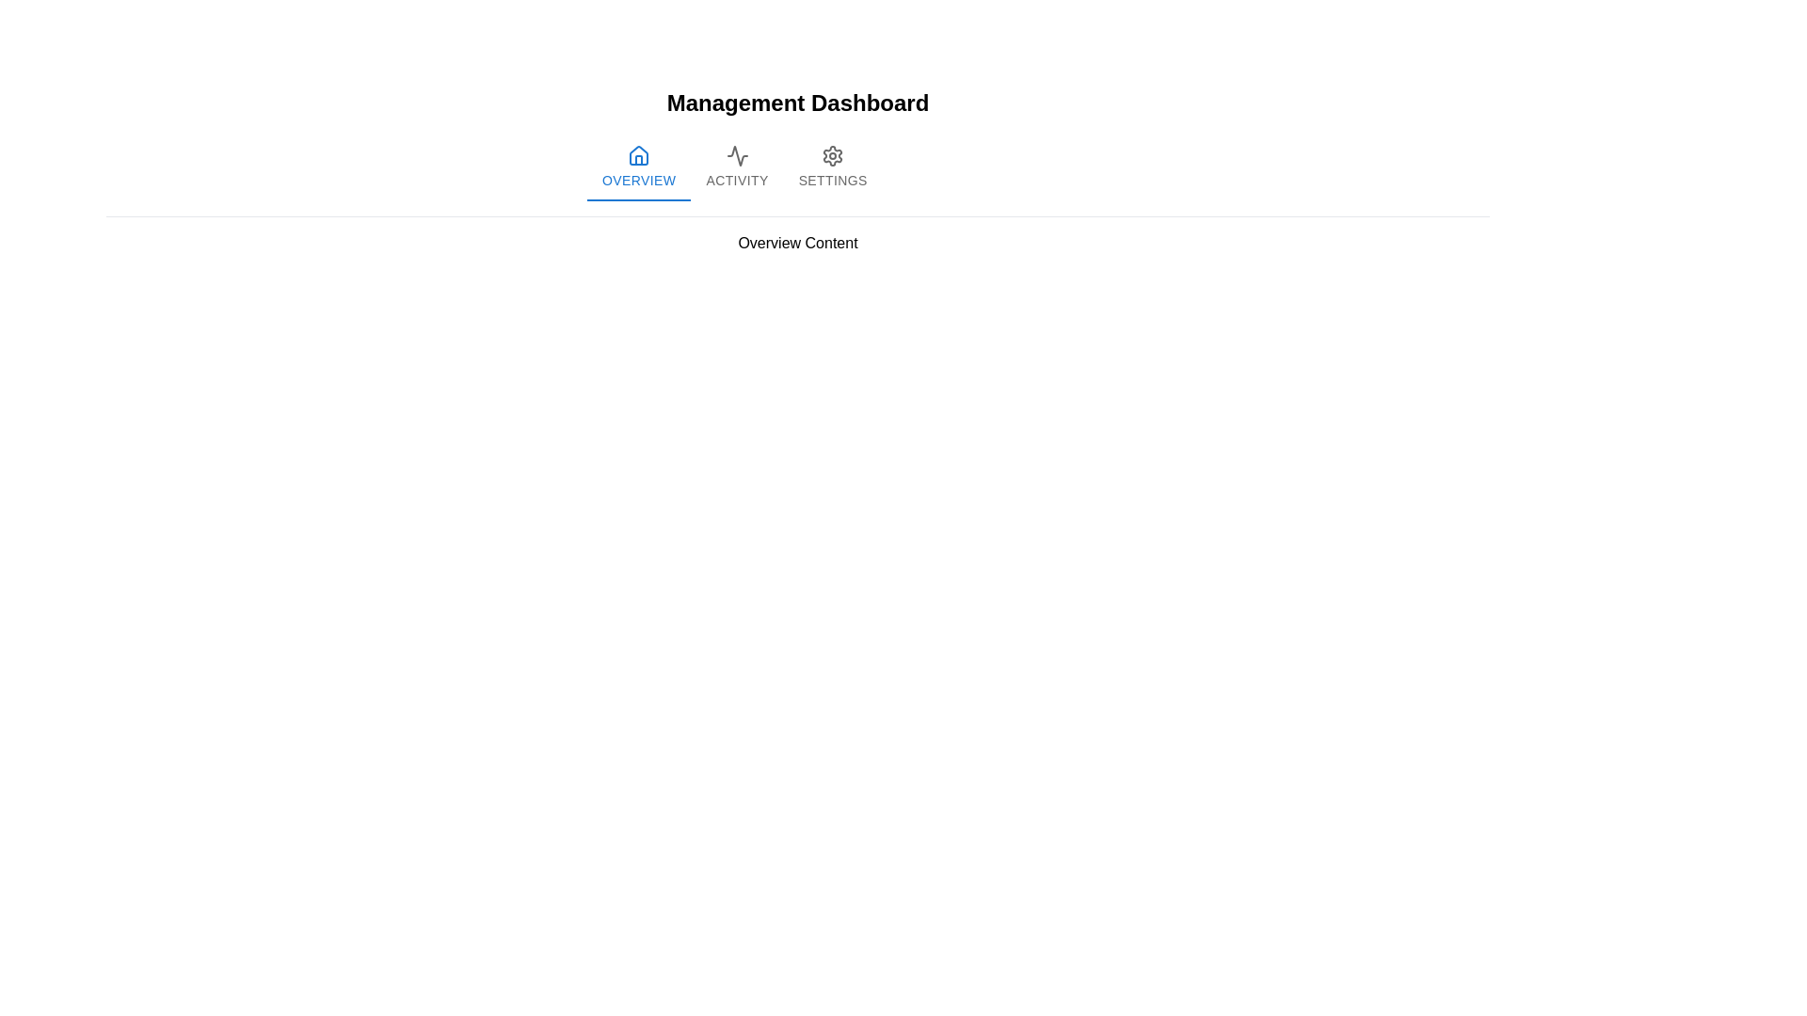 The width and height of the screenshot is (1807, 1016). I want to click on the home icon located at the top left of the navigation row, so click(639, 154).